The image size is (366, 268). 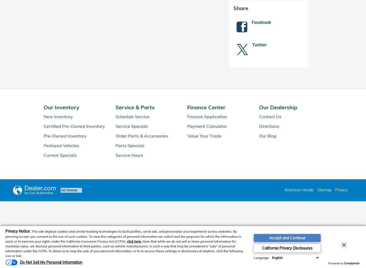 What do you see at coordinates (207, 116) in the screenshot?
I see `'Finance Application'` at bounding box center [207, 116].